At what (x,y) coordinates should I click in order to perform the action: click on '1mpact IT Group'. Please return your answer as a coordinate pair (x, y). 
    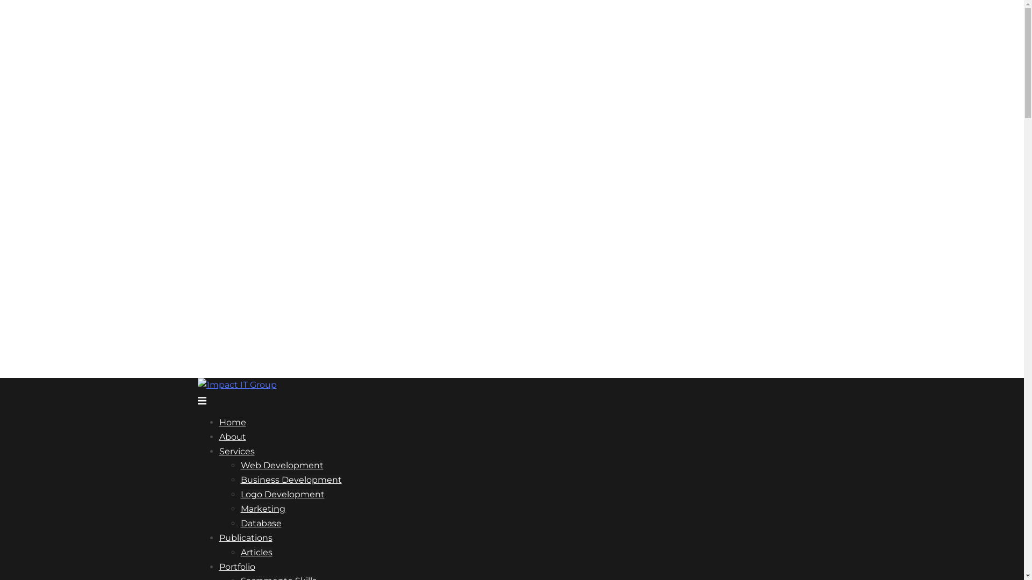
    Looking at the image, I should click on (236, 384).